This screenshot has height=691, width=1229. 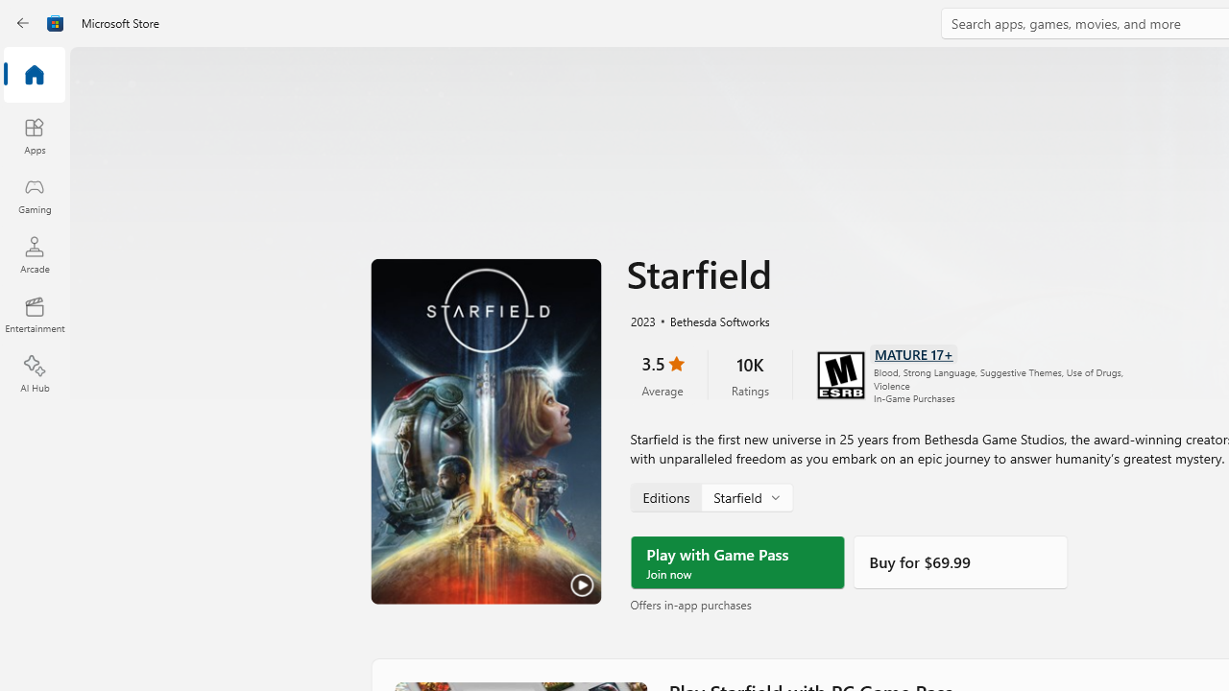 I want to click on 'Gaming', so click(x=34, y=195).